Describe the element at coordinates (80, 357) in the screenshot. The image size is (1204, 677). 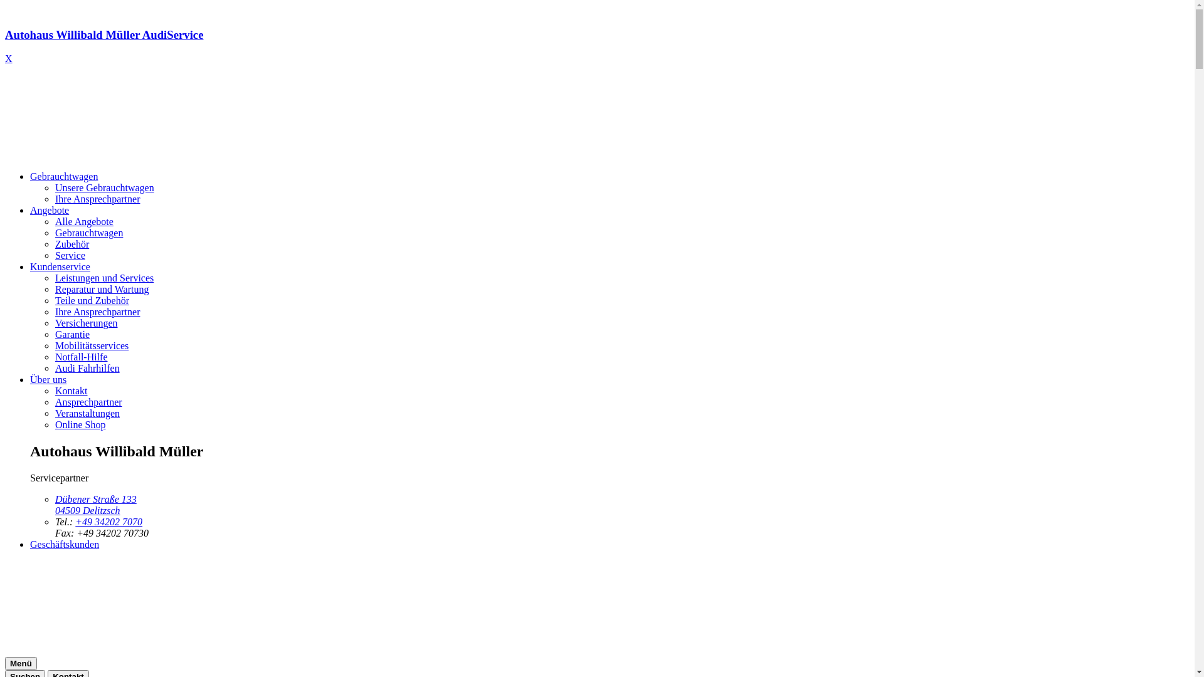
I see `'Notfall-Hilfe'` at that location.